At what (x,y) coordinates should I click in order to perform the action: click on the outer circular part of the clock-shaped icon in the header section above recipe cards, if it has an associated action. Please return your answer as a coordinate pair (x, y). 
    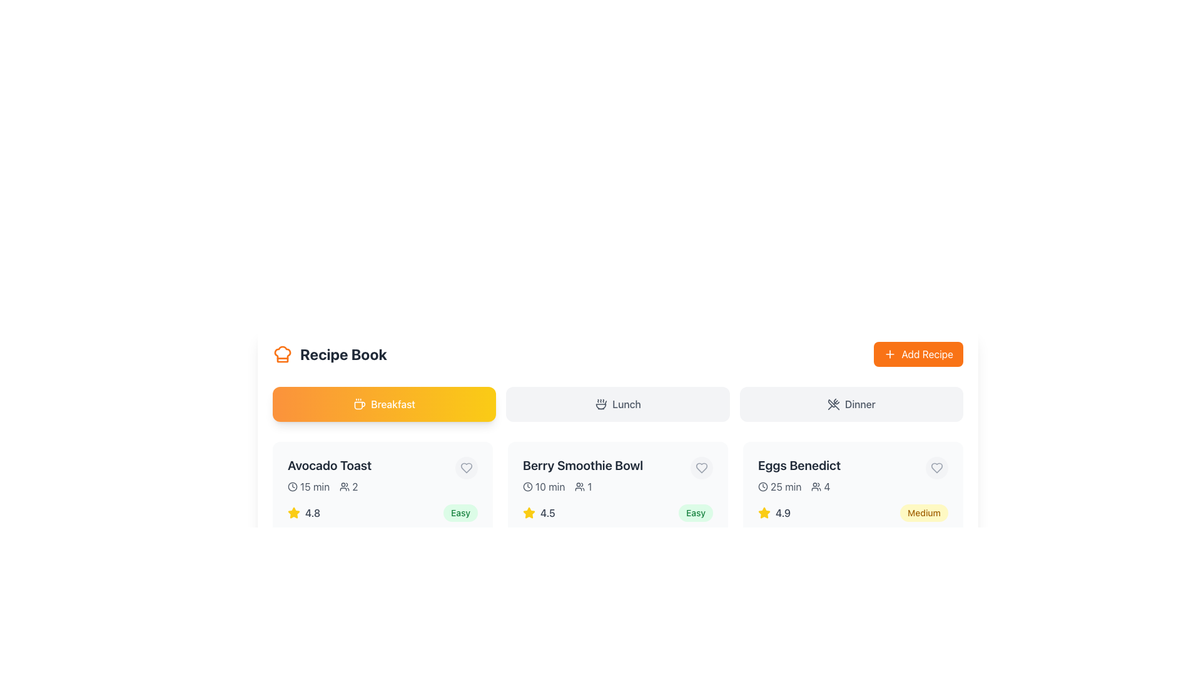
    Looking at the image, I should click on (528, 486).